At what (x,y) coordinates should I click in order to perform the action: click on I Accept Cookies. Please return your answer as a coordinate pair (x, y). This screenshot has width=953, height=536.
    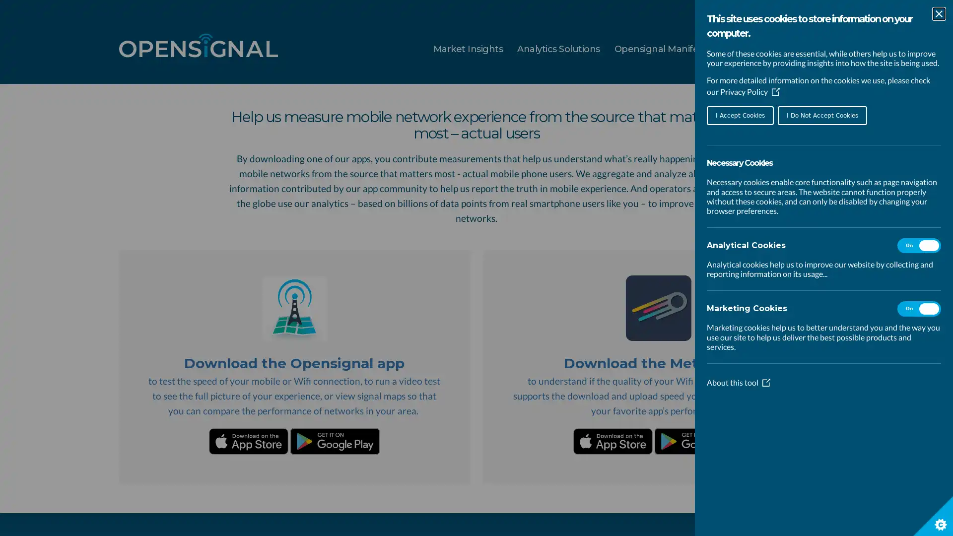
    Looking at the image, I should click on (740, 115).